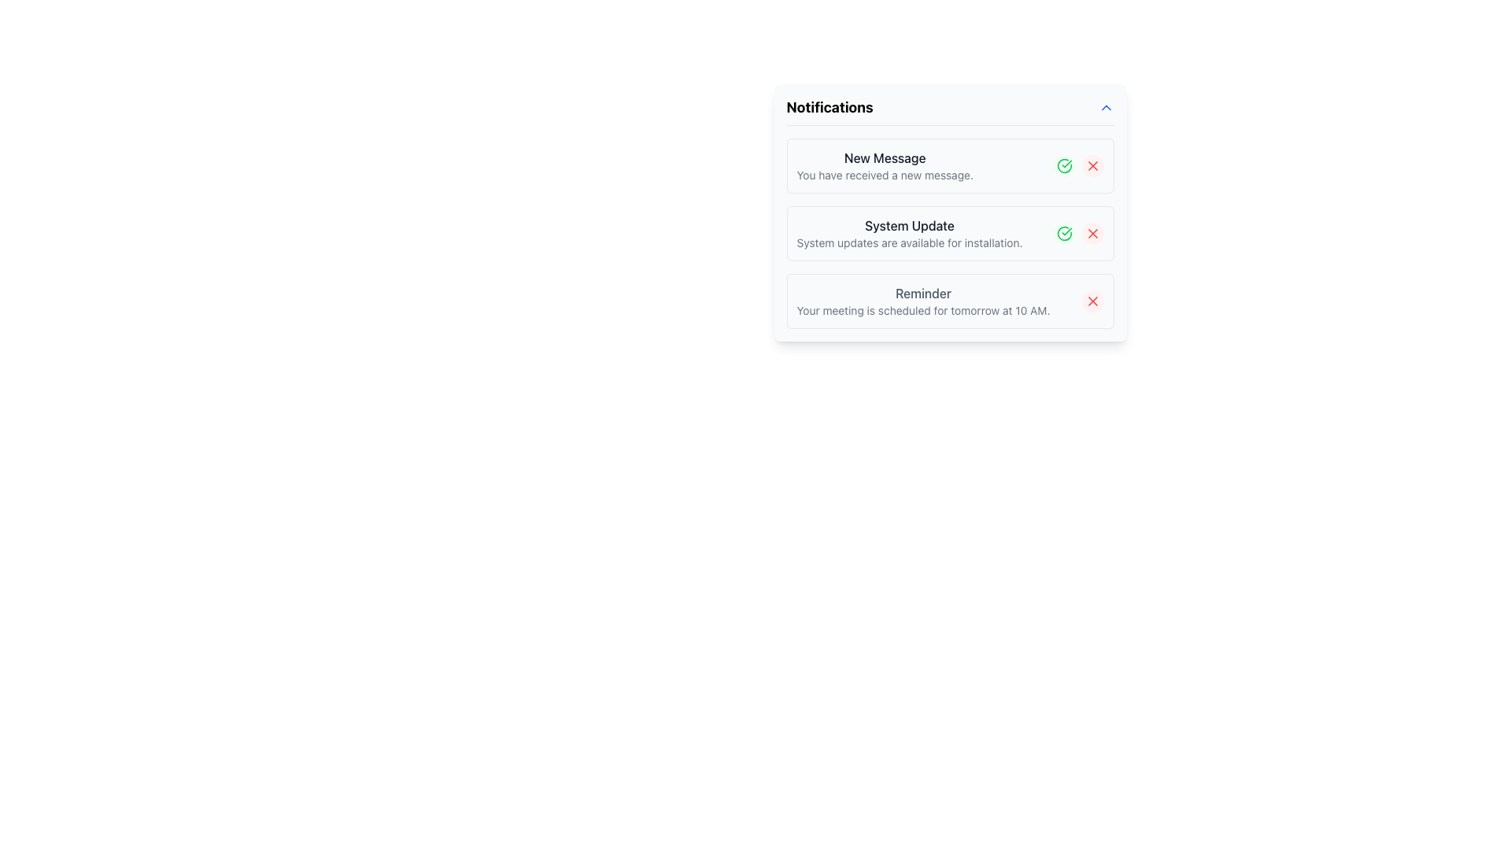  I want to click on text snippet that states 'You have received a new message.' located below the 'New Message' heading in the notification card, so click(885, 176).